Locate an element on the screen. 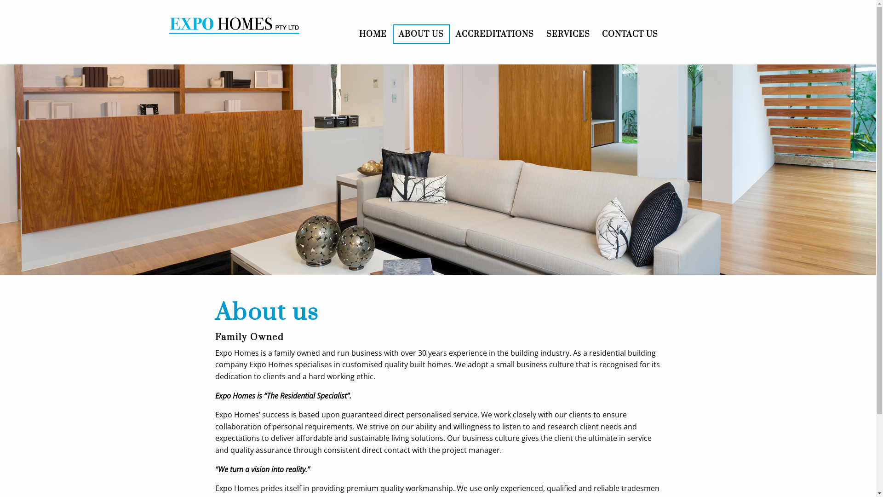 The image size is (883, 497). 'CONTACT US' is located at coordinates (629, 33).